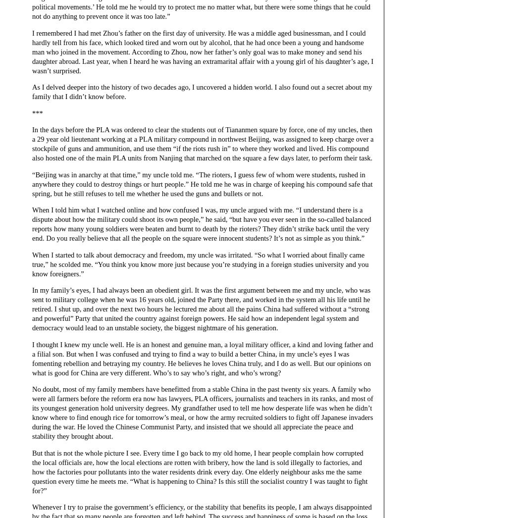 The width and height of the screenshot is (520, 518). I want to click on 'When I started to talk about democracy and freedom, my uncle was irritated. “So what I worried about finally came true,” he scolded me. “You think you know more just because you’re studying in a foreign studies university and you know foreigners.”', so click(200, 263).